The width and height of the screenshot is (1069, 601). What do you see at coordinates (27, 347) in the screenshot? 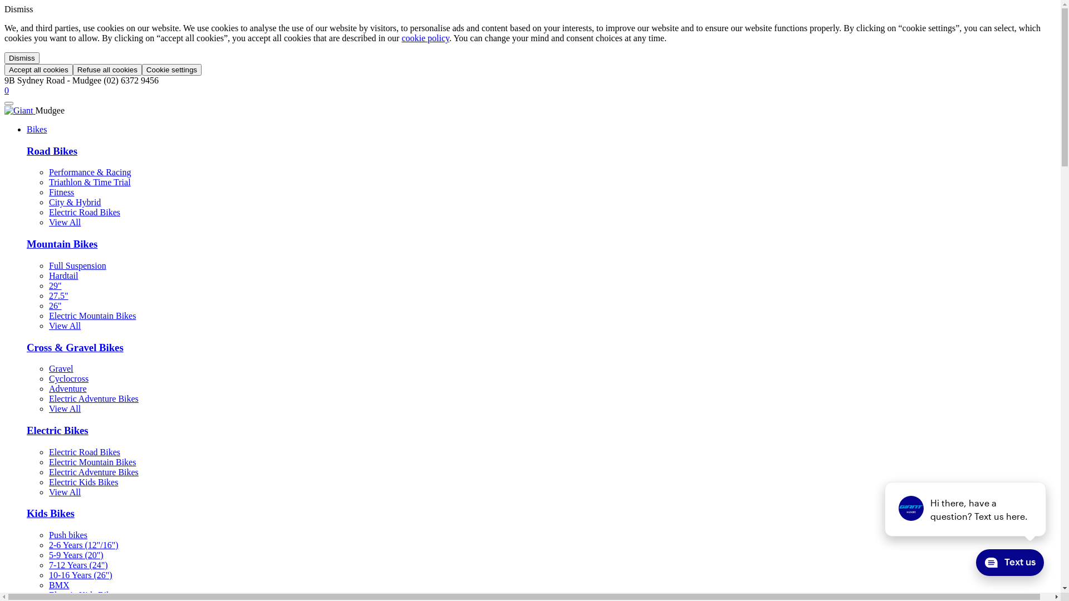
I see `'Cross & Gravel Bikes'` at bounding box center [27, 347].